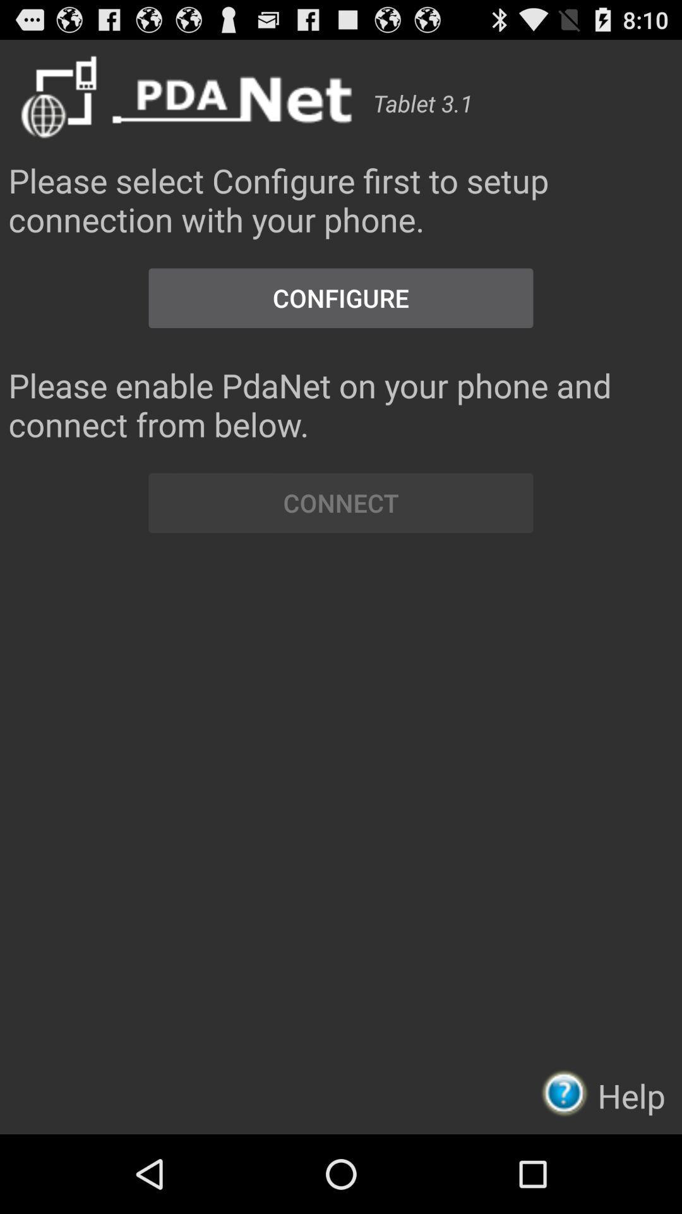  What do you see at coordinates (568, 1092) in the screenshot?
I see `app to the left of help app` at bounding box center [568, 1092].